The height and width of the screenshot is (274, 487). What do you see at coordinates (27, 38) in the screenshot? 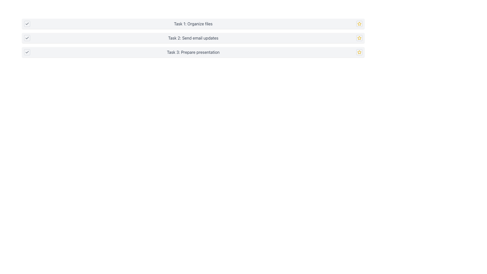
I see `the Checkbox represented by a gray checkmark icon in the second row of the list layout to possibly reveal additional information` at bounding box center [27, 38].